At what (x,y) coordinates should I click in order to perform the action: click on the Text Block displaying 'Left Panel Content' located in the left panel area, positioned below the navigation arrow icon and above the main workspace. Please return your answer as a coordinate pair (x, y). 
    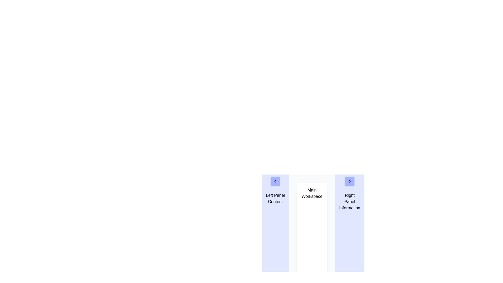
    Looking at the image, I should click on (275, 199).